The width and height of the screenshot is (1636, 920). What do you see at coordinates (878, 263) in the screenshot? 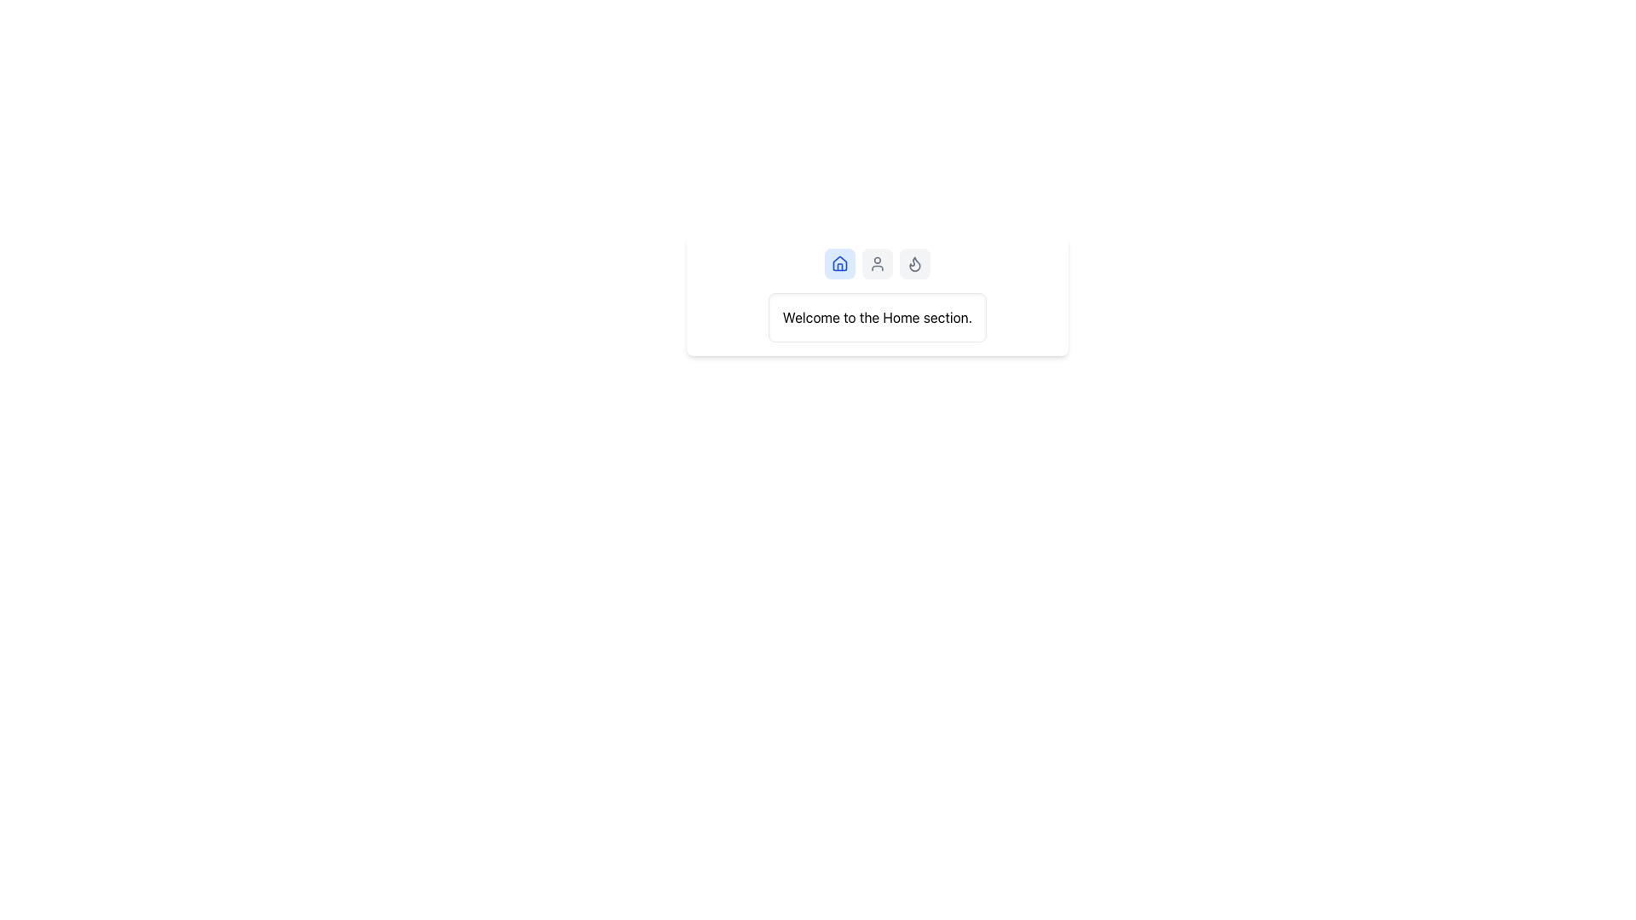
I see `the profile user icon tab, which is the second tab in a horizontal group of three icons` at bounding box center [878, 263].